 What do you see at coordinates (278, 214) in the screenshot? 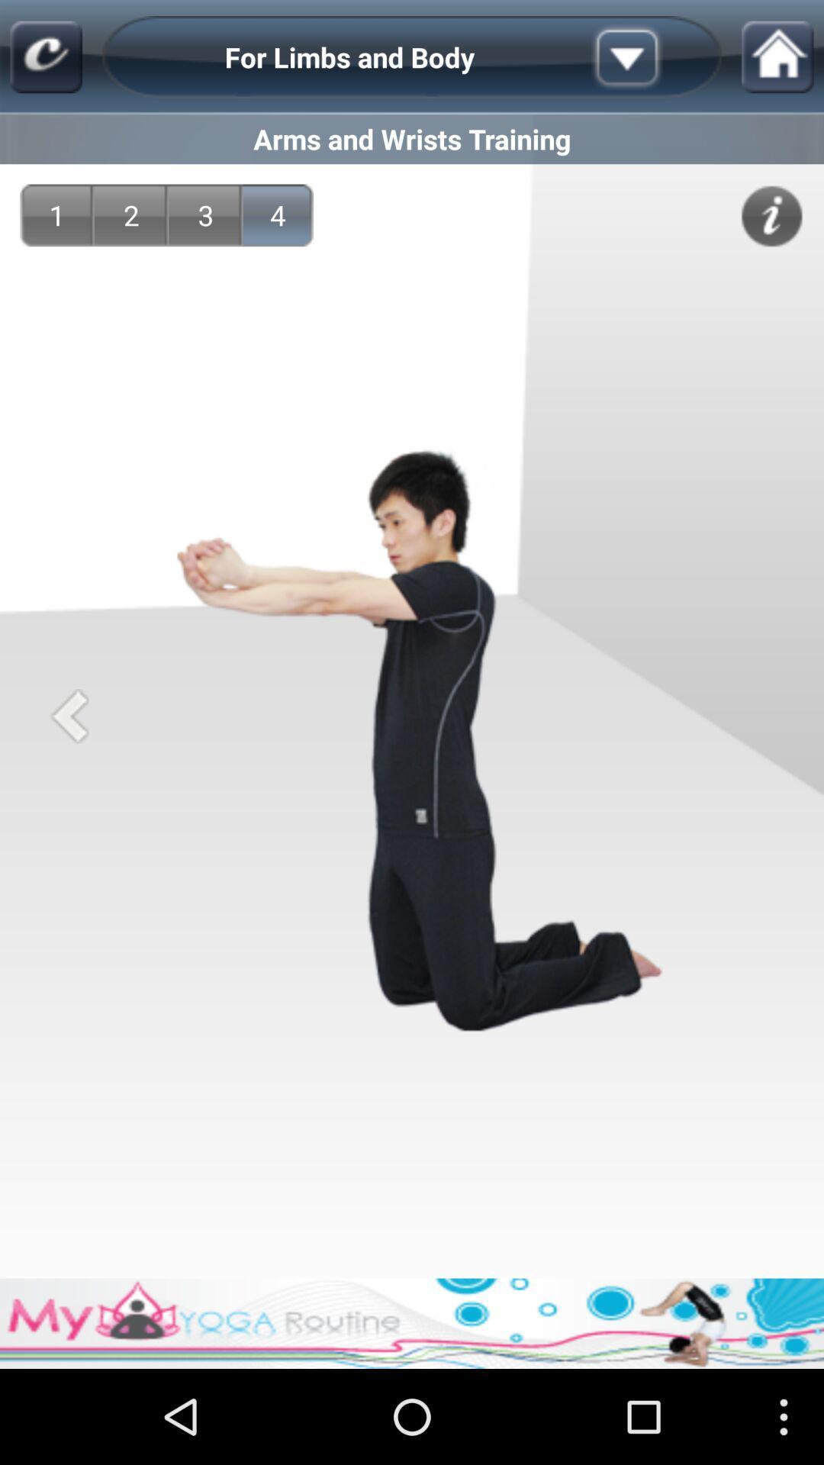
I see `app below arms and wrists` at bounding box center [278, 214].